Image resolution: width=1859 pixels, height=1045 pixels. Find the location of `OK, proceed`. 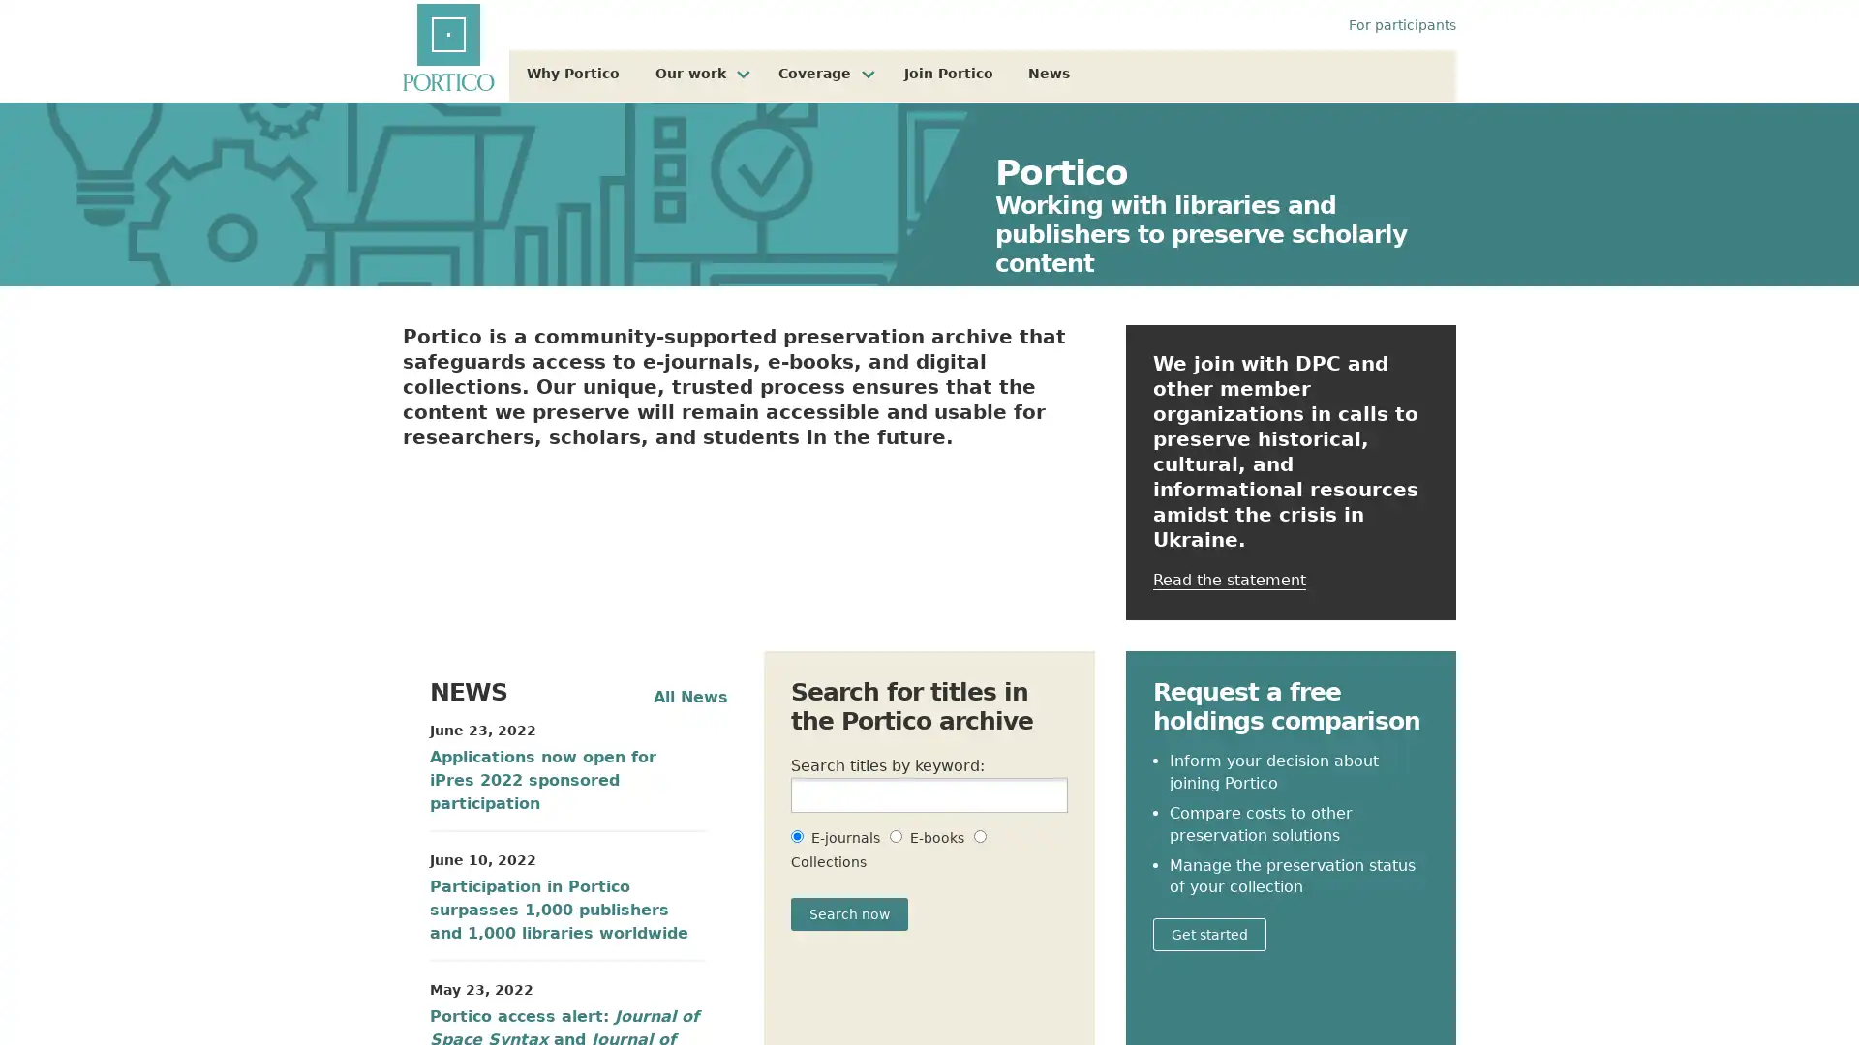

OK, proceed is located at coordinates (1492, 982).